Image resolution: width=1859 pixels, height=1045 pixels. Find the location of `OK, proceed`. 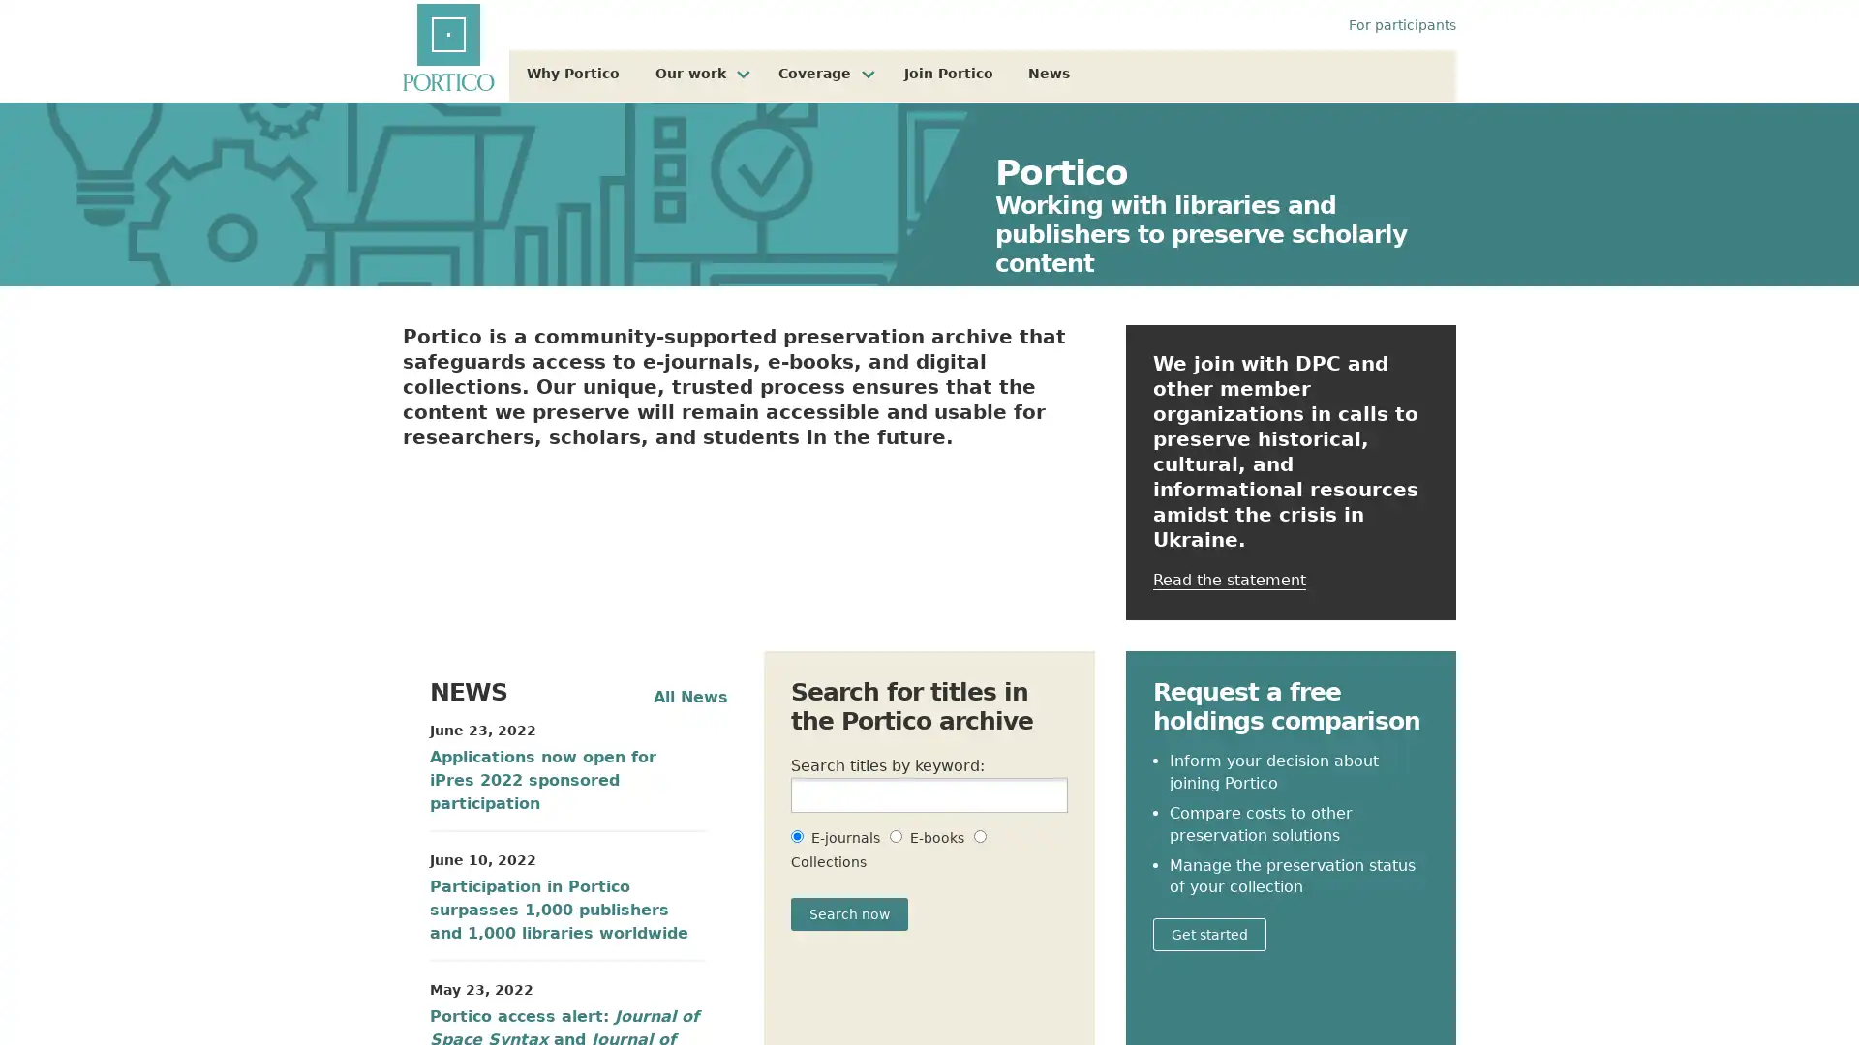

OK, proceed is located at coordinates (1492, 982).